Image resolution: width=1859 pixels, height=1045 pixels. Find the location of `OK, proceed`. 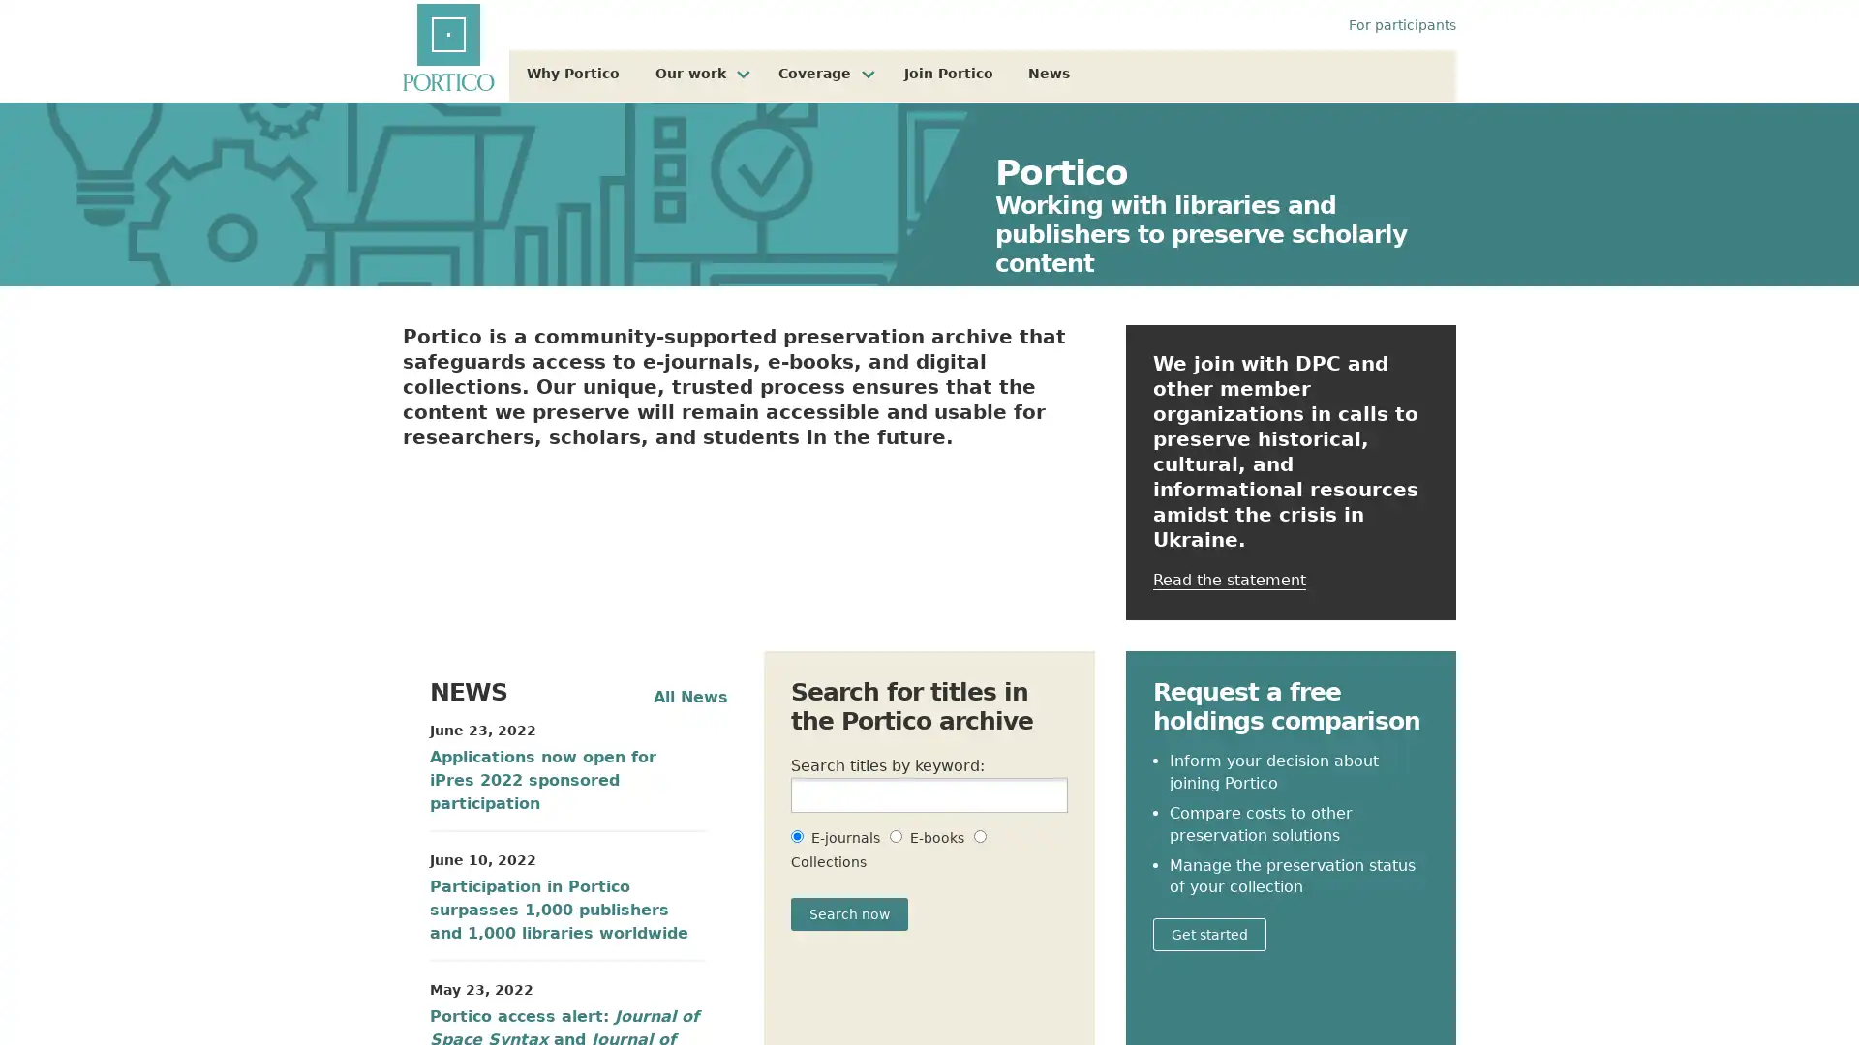

OK, proceed is located at coordinates (1492, 982).